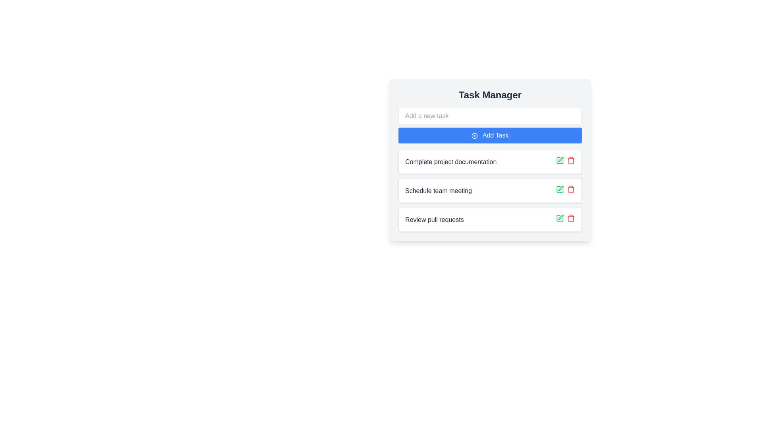  I want to click on information displayed on the text label that reads 'Schedule team meeting', which is a dark gray font on a white background, located in the second row of a list-like structure, so click(438, 191).